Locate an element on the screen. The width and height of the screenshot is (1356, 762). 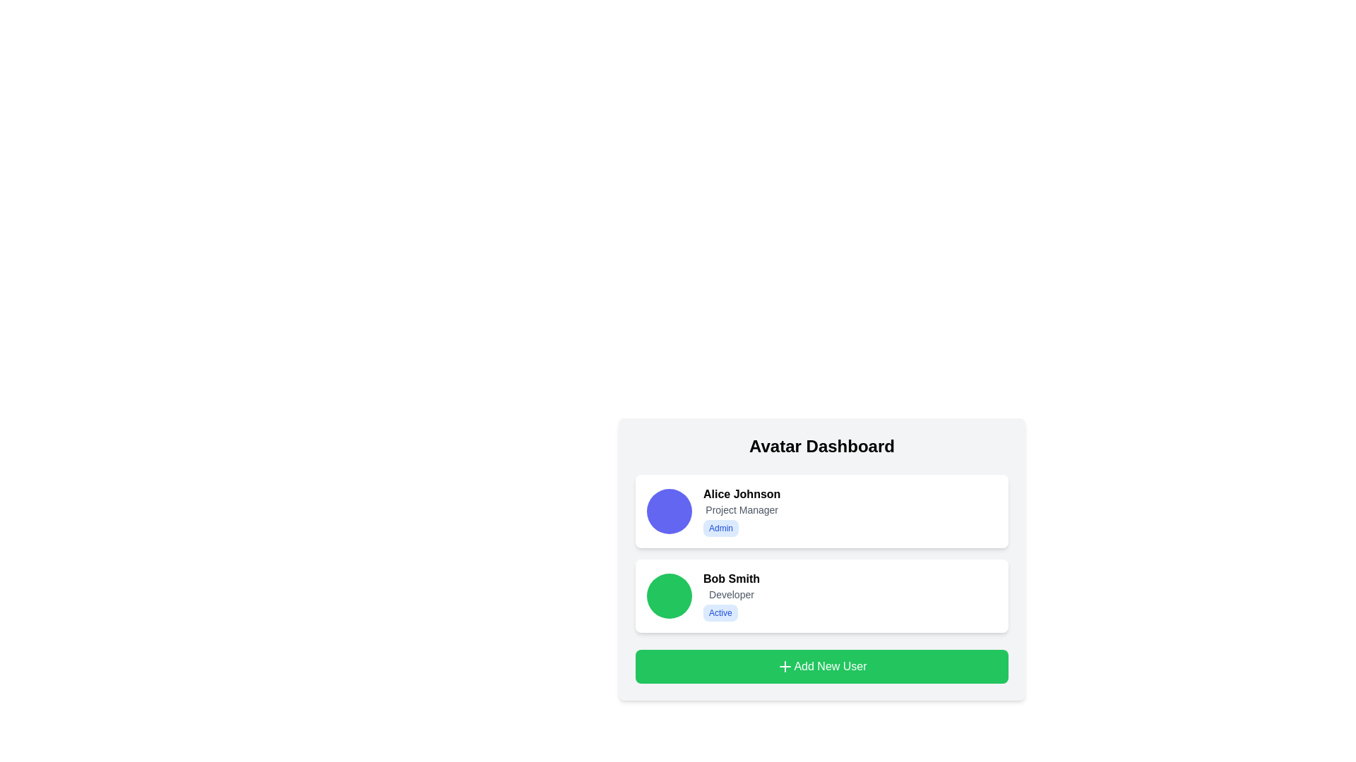
the non-interactive label displaying the professional role or title of the user 'Alice Johnson', which is positioned below the name and above the text 'Admin' in the Avatar Dashboard interface is located at coordinates (741, 509).